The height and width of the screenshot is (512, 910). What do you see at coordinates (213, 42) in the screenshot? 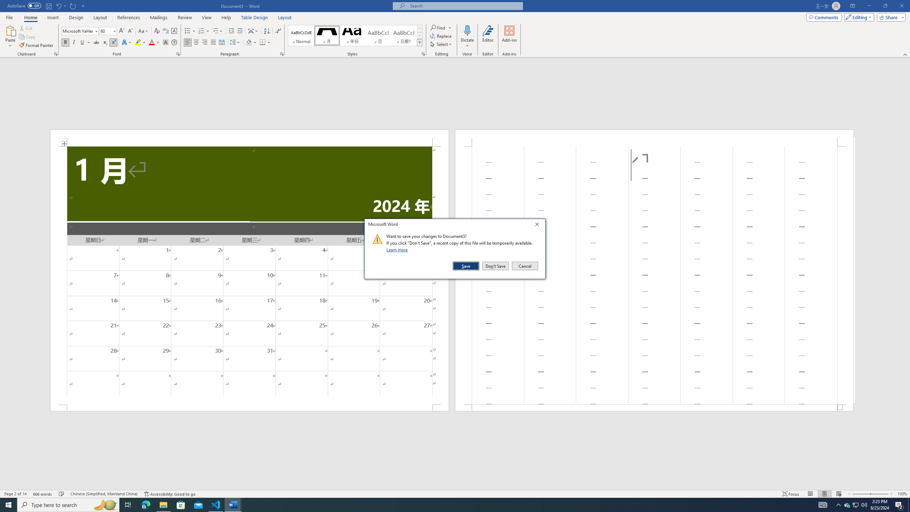
I see `'Justify'` at bounding box center [213, 42].